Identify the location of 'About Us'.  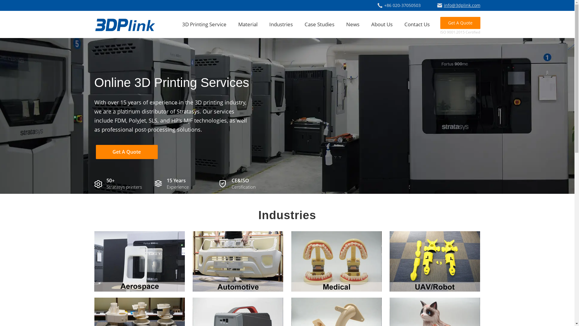
(370, 24).